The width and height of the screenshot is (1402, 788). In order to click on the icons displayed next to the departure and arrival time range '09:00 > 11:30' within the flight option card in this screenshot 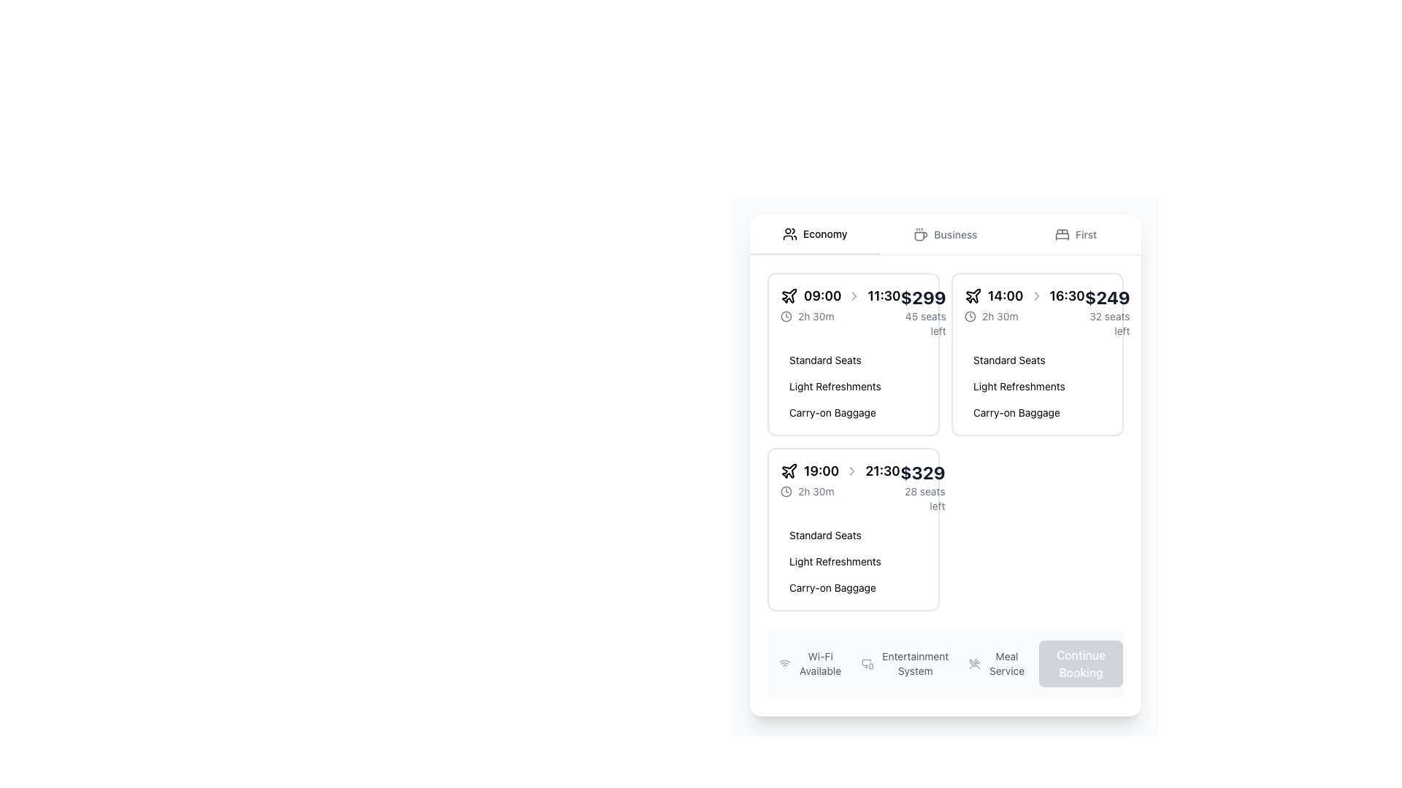, I will do `click(840, 304)`.